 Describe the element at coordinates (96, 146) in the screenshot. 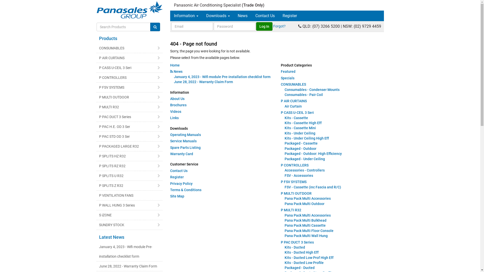

I see `'P PACKAGED LARGE R32'` at that location.